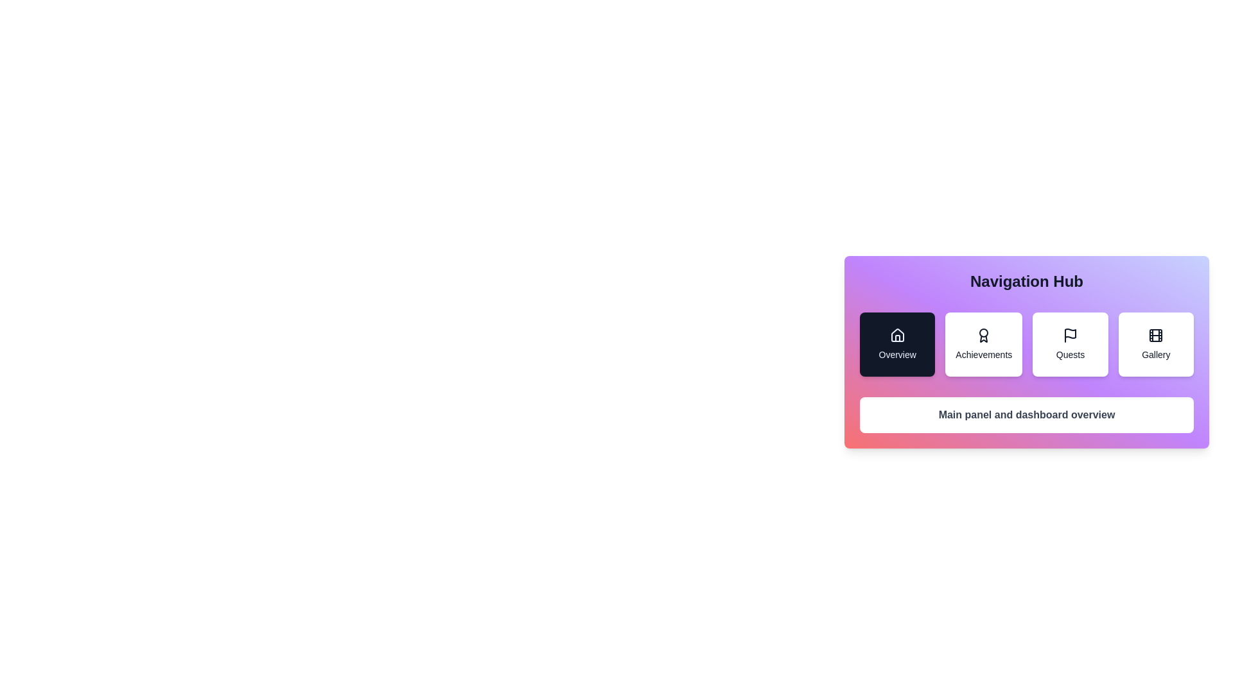 This screenshot has width=1233, height=693. I want to click on the 'Gallery' button located at the rightmost side of a cluster of buttons including 'Overview', 'Achievements', and 'Quests', so click(1156, 343).